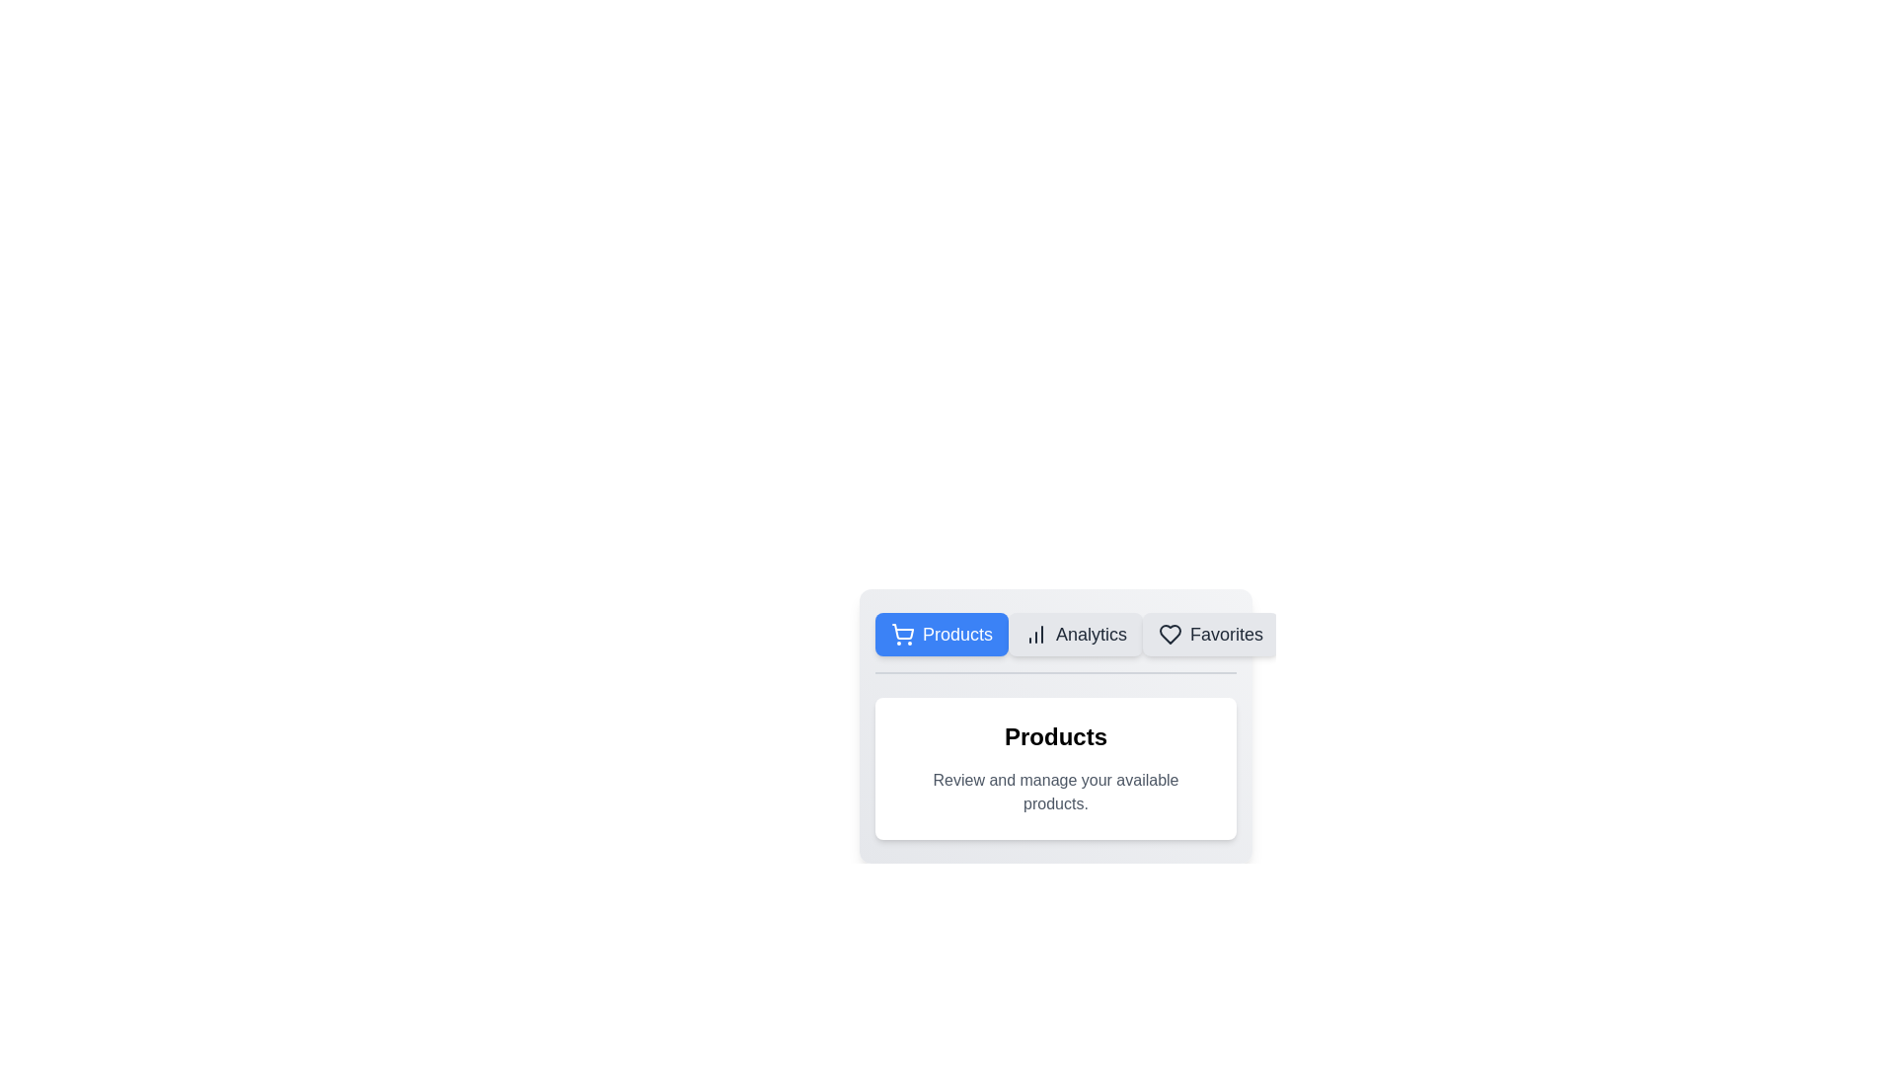 The height and width of the screenshot is (1066, 1895). Describe the element at coordinates (1055, 643) in the screenshot. I see `the 'Analytics' navigation button located in the center of the navigation bar` at that location.